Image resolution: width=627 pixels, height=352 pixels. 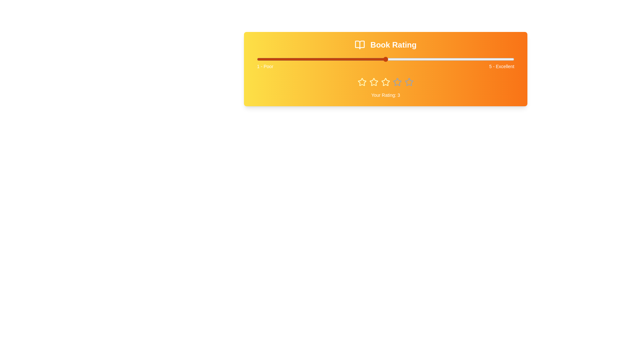 What do you see at coordinates (397, 81) in the screenshot?
I see `the third star icon in the horizontal rating indicator under the 'Book Rating' title, which is styled in gray and represents a rating of 3` at bounding box center [397, 81].